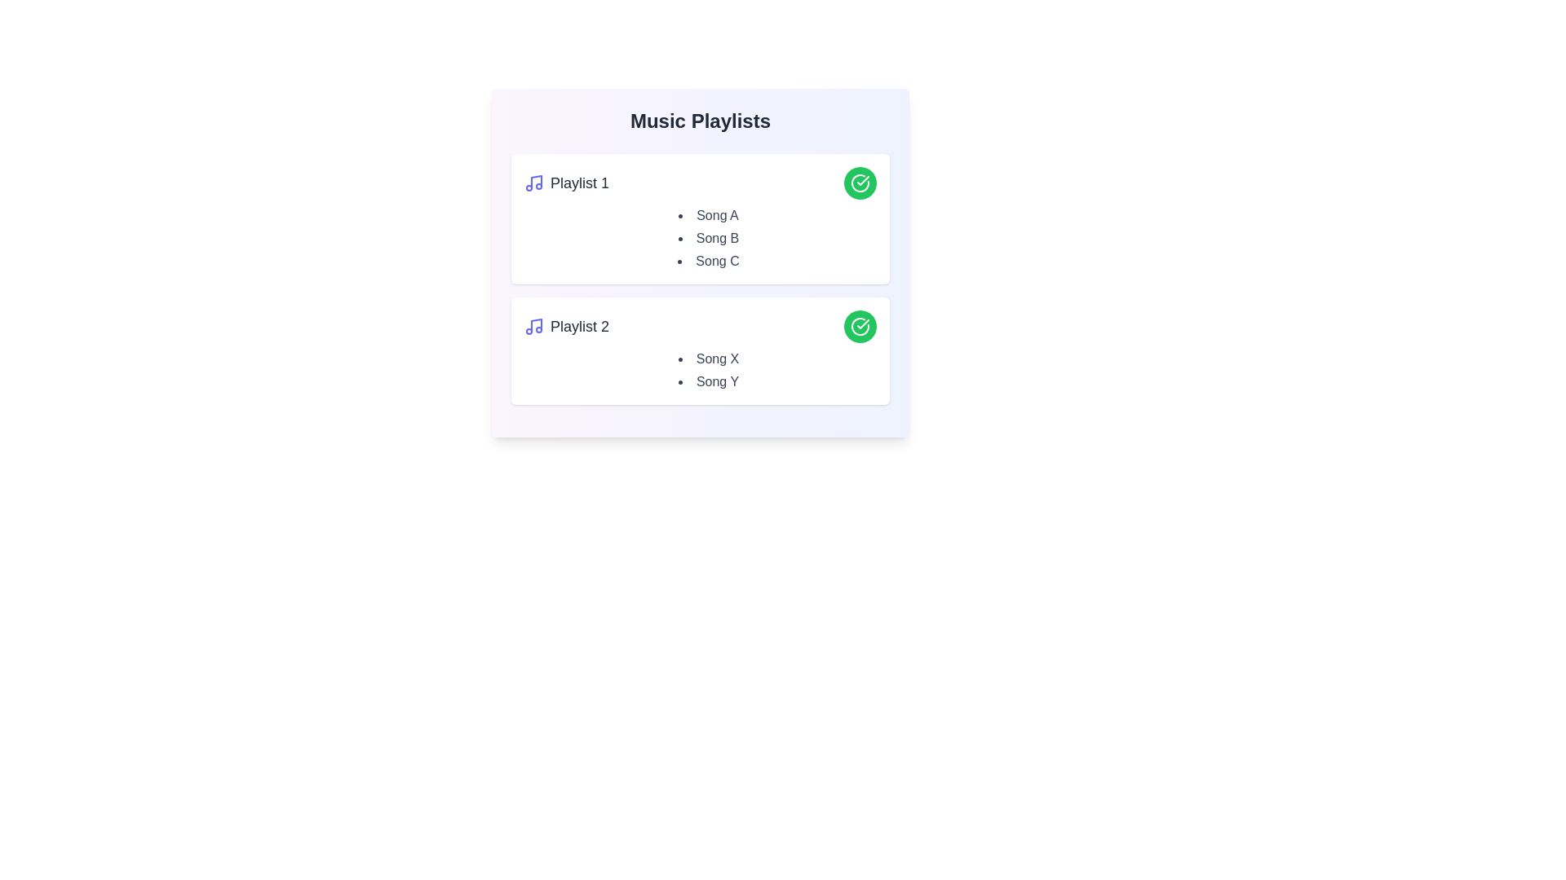 This screenshot has width=1566, height=880. I want to click on the playlist icon for Playlist 2, so click(533, 327).